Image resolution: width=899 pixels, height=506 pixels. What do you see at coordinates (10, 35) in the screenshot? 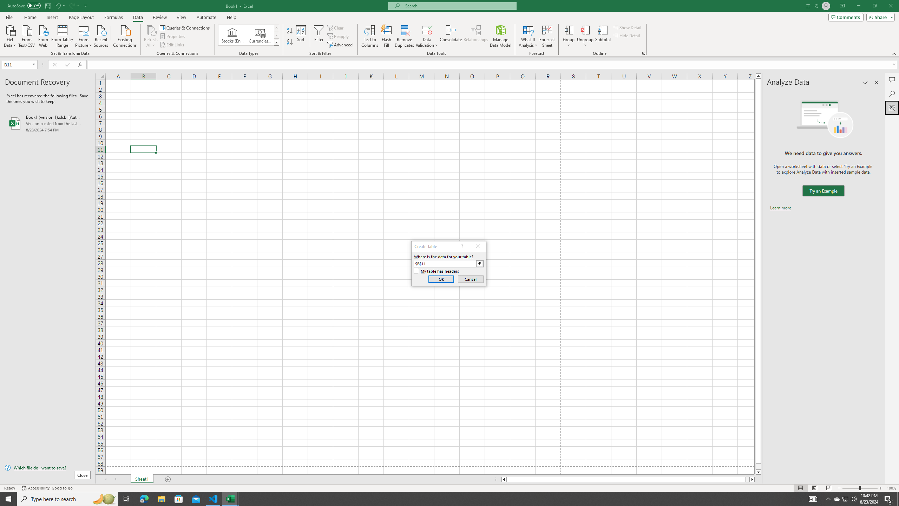
I see `'Get Data'` at bounding box center [10, 35].